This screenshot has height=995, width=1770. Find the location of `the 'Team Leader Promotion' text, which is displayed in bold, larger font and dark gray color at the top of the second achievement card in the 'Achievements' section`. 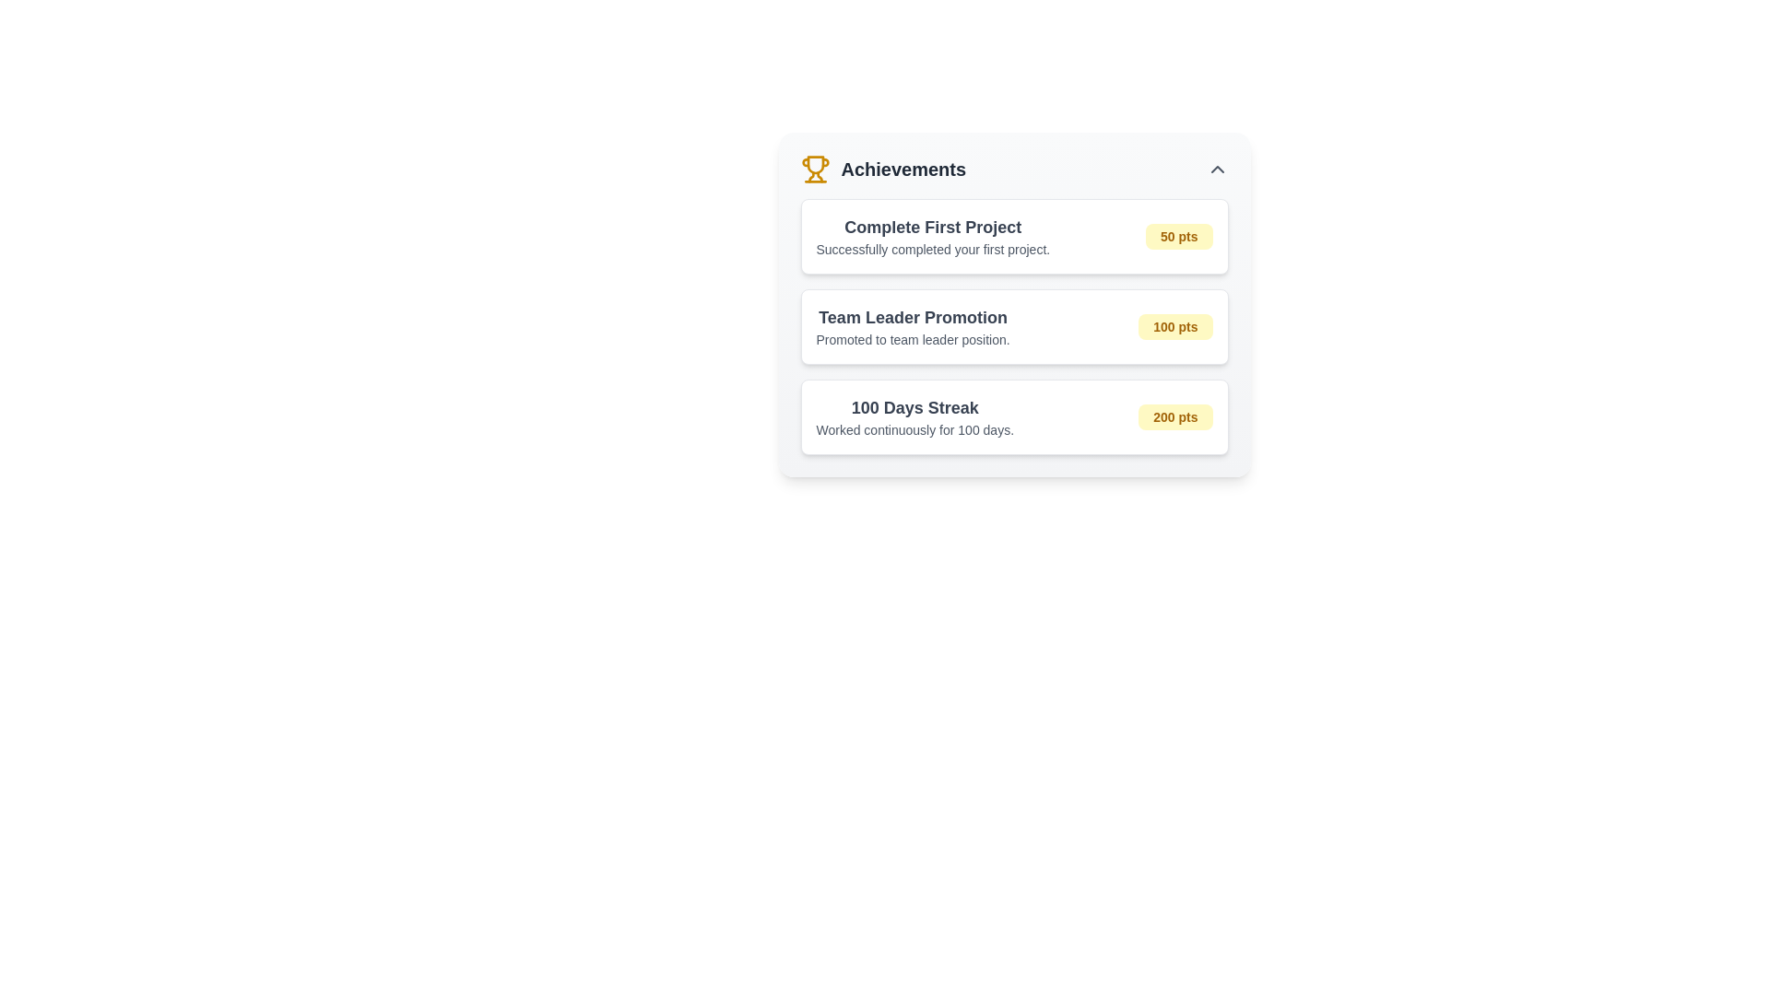

the 'Team Leader Promotion' text, which is displayed in bold, larger font and dark gray color at the top of the second achievement card in the 'Achievements' section is located at coordinates (913, 316).